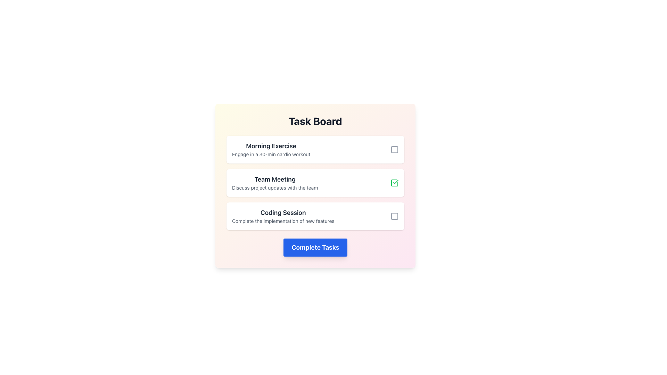 Image resolution: width=667 pixels, height=375 pixels. I want to click on title and description of the second task item in the task list, which includes a checkbox for marking completion, so click(315, 183).